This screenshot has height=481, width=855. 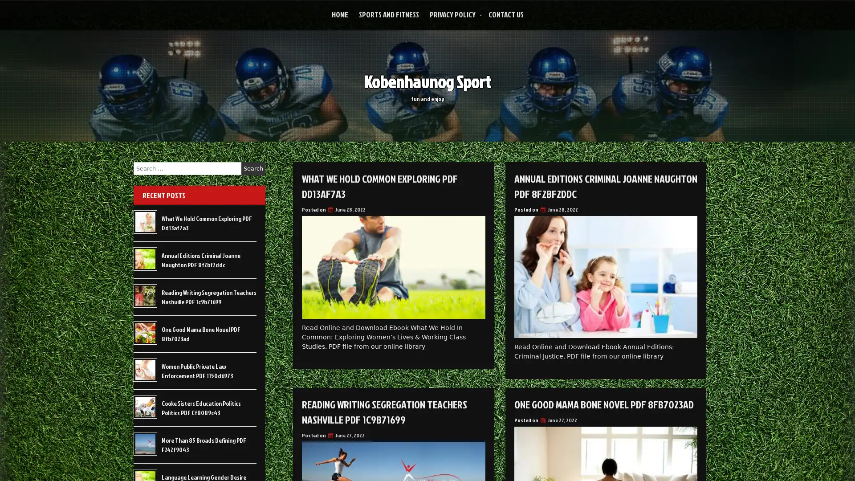 What do you see at coordinates (253, 168) in the screenshot?
I see `Search` at bounding box center [253, 168].